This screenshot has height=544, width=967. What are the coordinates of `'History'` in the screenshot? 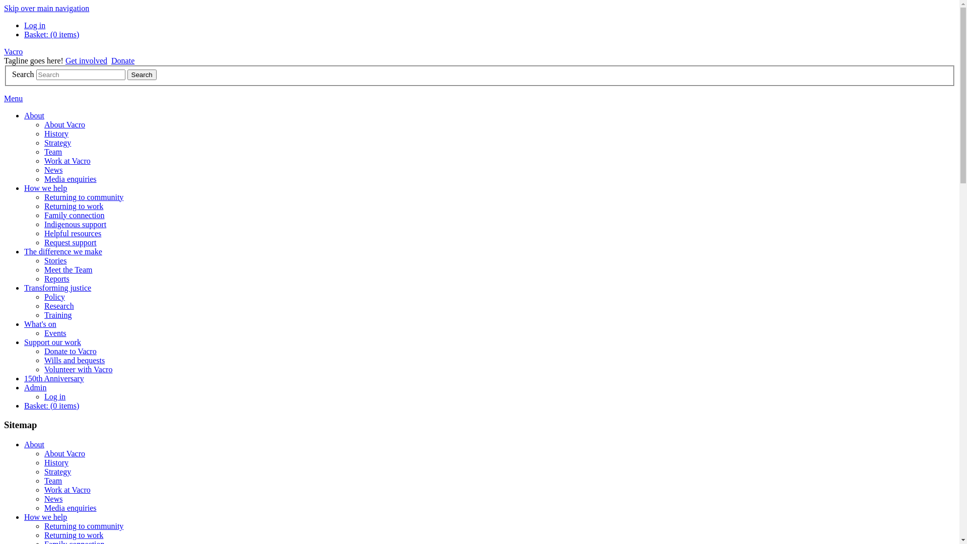 It's located at (55, 462).